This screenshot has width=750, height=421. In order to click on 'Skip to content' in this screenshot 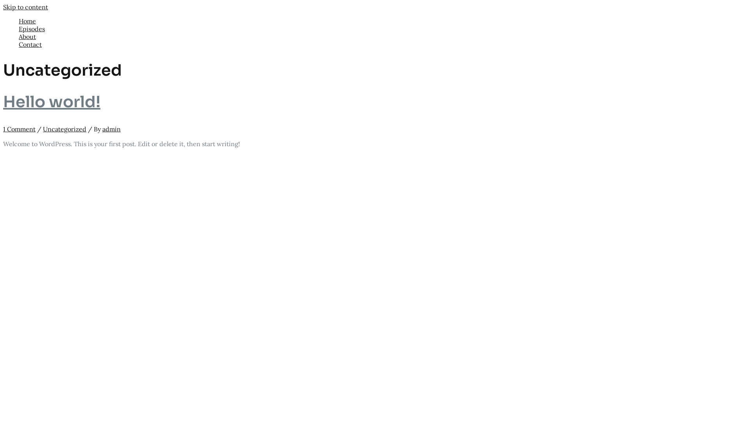, I will do `click(25, 7)`.